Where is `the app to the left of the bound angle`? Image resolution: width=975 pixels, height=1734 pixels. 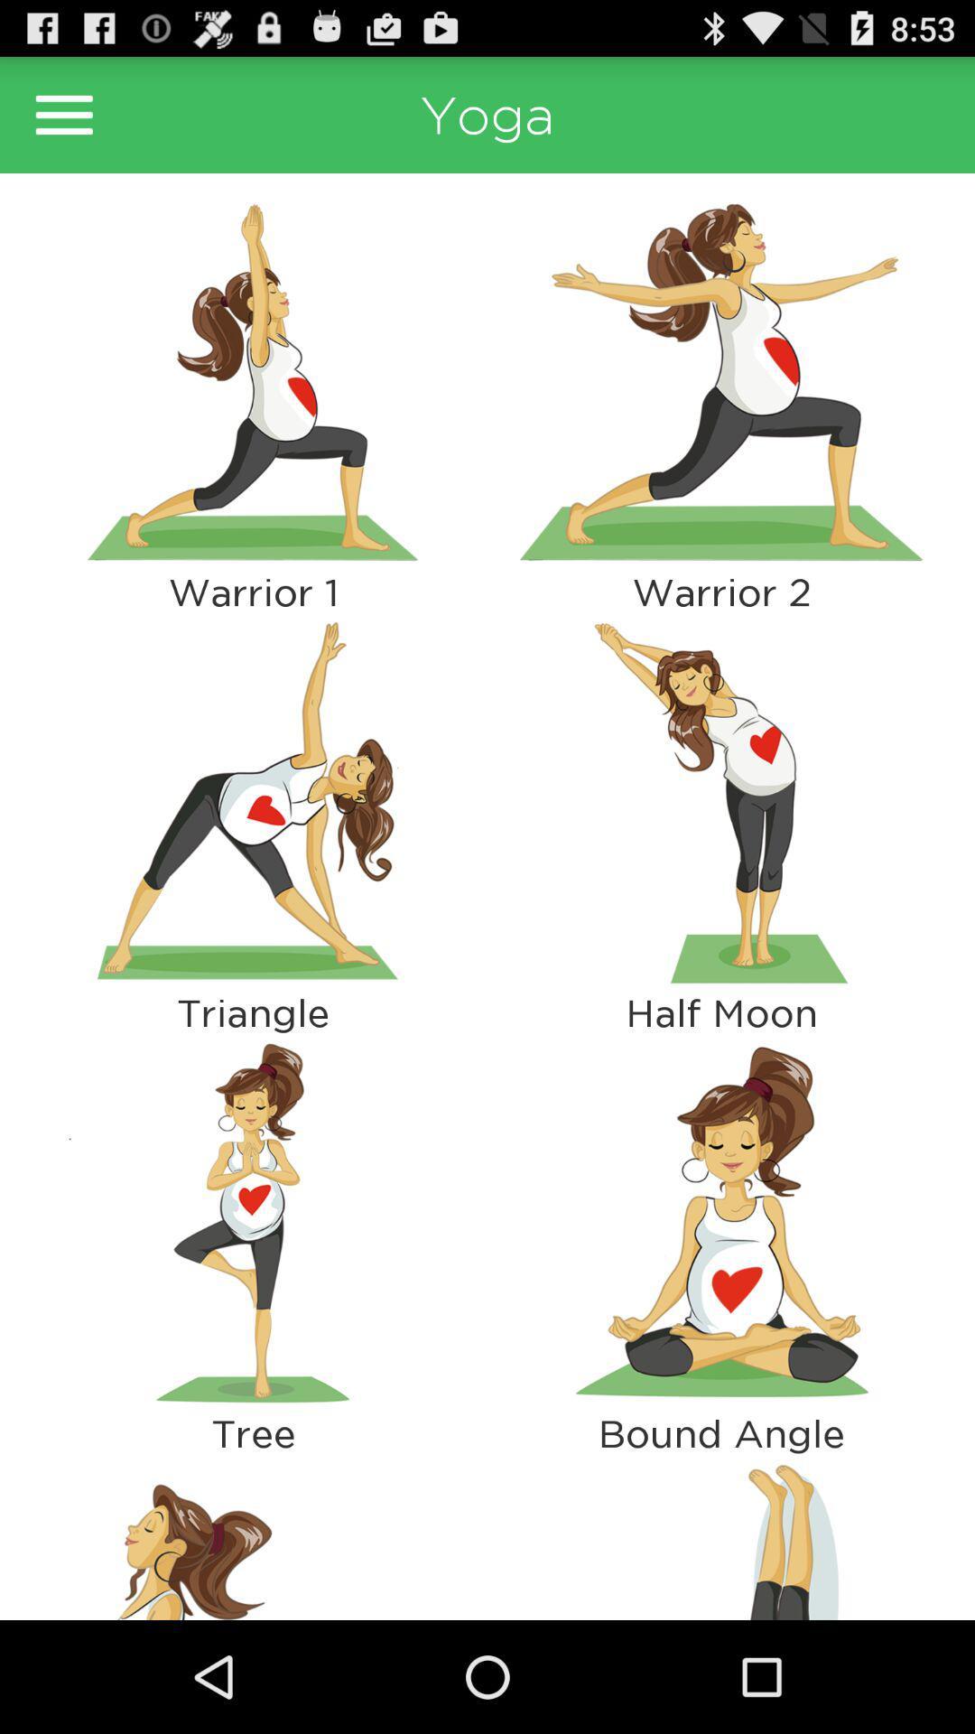 the app to the left of the bound angle is located at coordinates (253, 1536).